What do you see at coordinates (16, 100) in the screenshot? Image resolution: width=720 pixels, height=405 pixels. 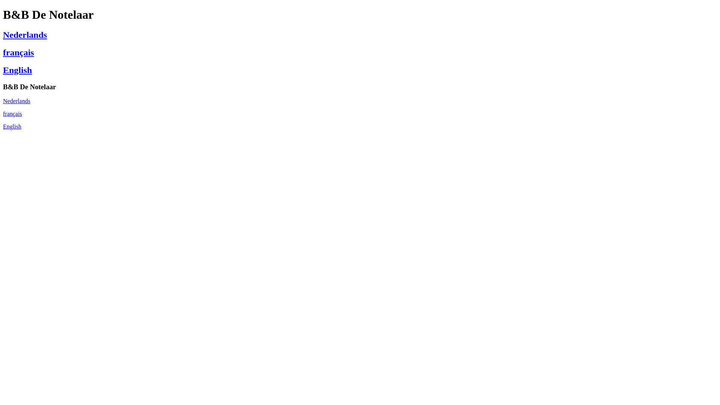 I see `'Nederlands'` at bounding box center [16, 100].